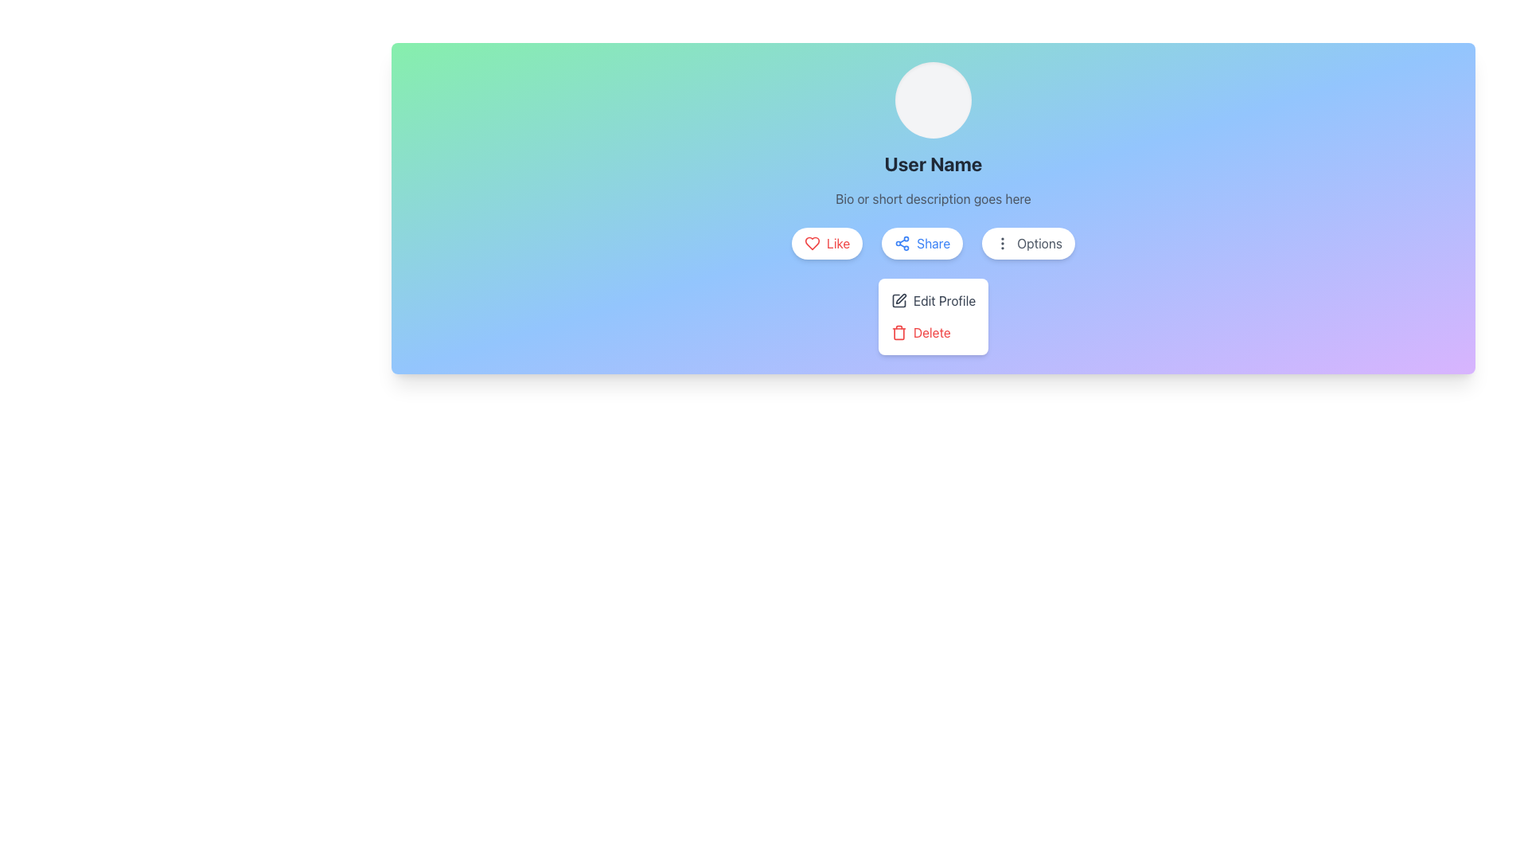 The image size is (1528, 860). What do you see at coordinates (933, 301) in the screenshot?
I see `the 'Edit Profile' button, which is styled in dark gray with a pencil icon to its left, located above the 'Delete' button in a white card layout` at bounding box center [933, 301].